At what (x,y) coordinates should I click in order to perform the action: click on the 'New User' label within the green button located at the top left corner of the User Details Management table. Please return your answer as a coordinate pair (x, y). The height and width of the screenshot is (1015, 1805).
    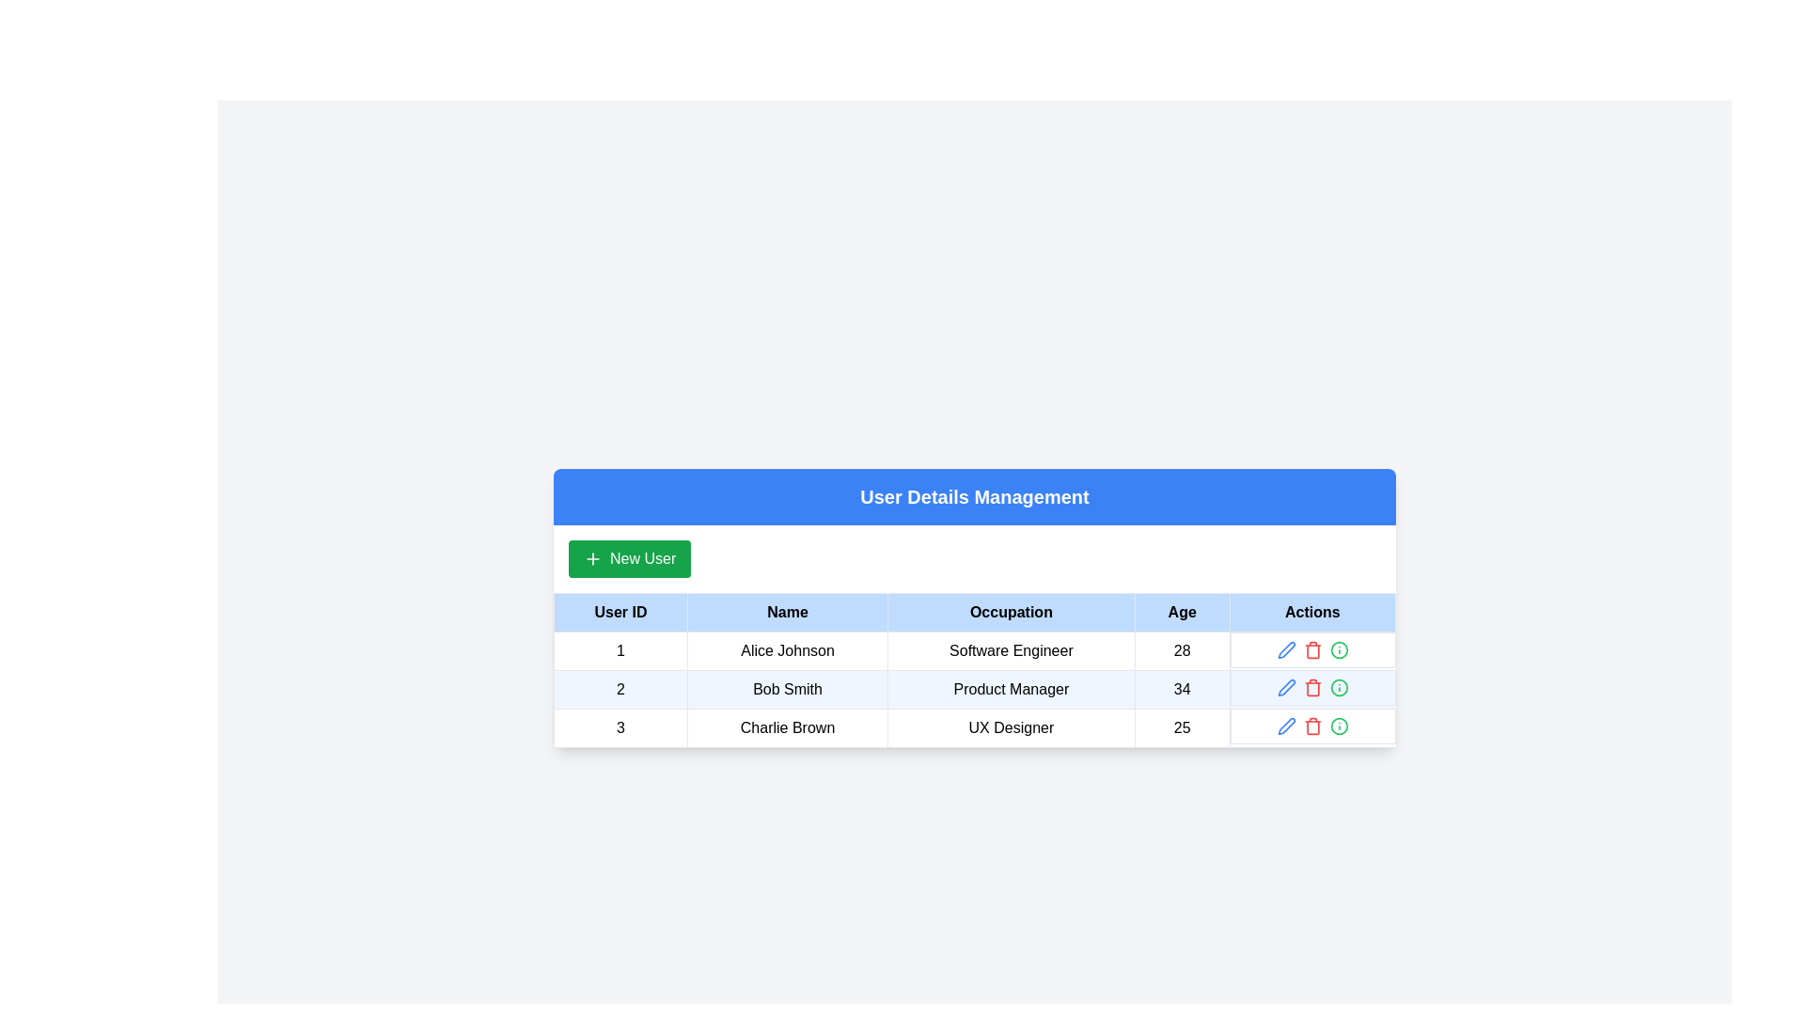
    Looking at the image, I should click on (643, 557).